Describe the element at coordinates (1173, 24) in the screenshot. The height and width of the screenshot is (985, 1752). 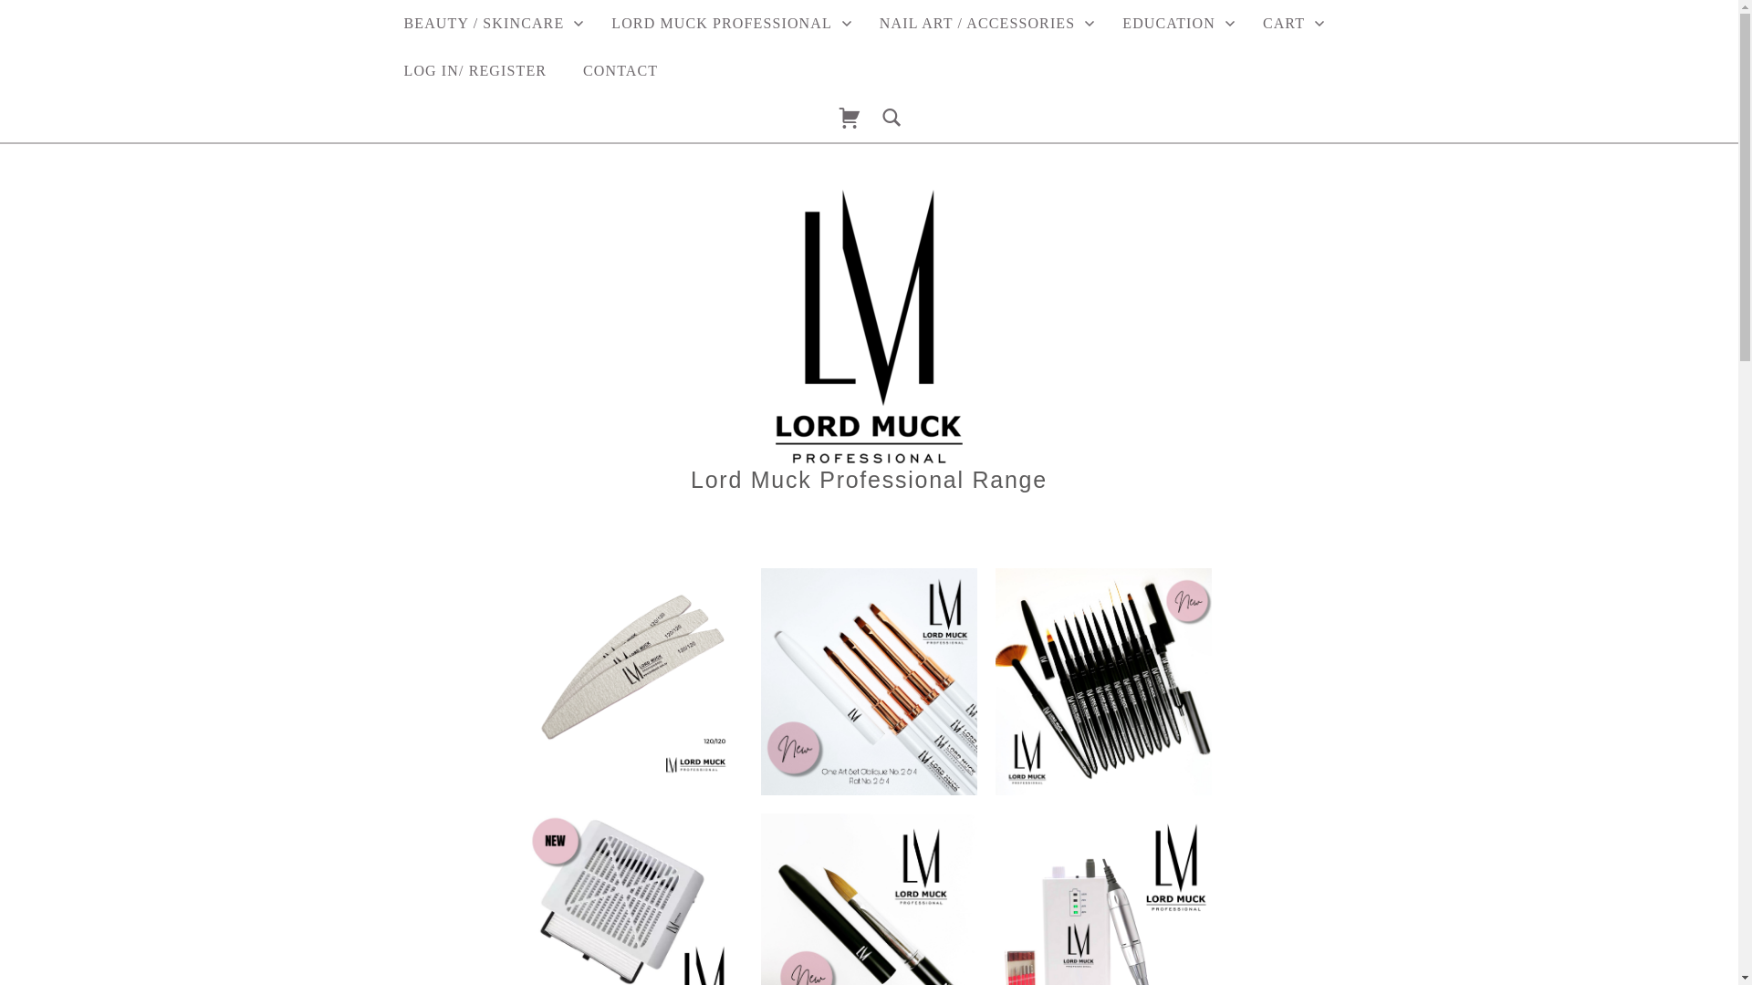
I see `'EDUCATION'` at that location.